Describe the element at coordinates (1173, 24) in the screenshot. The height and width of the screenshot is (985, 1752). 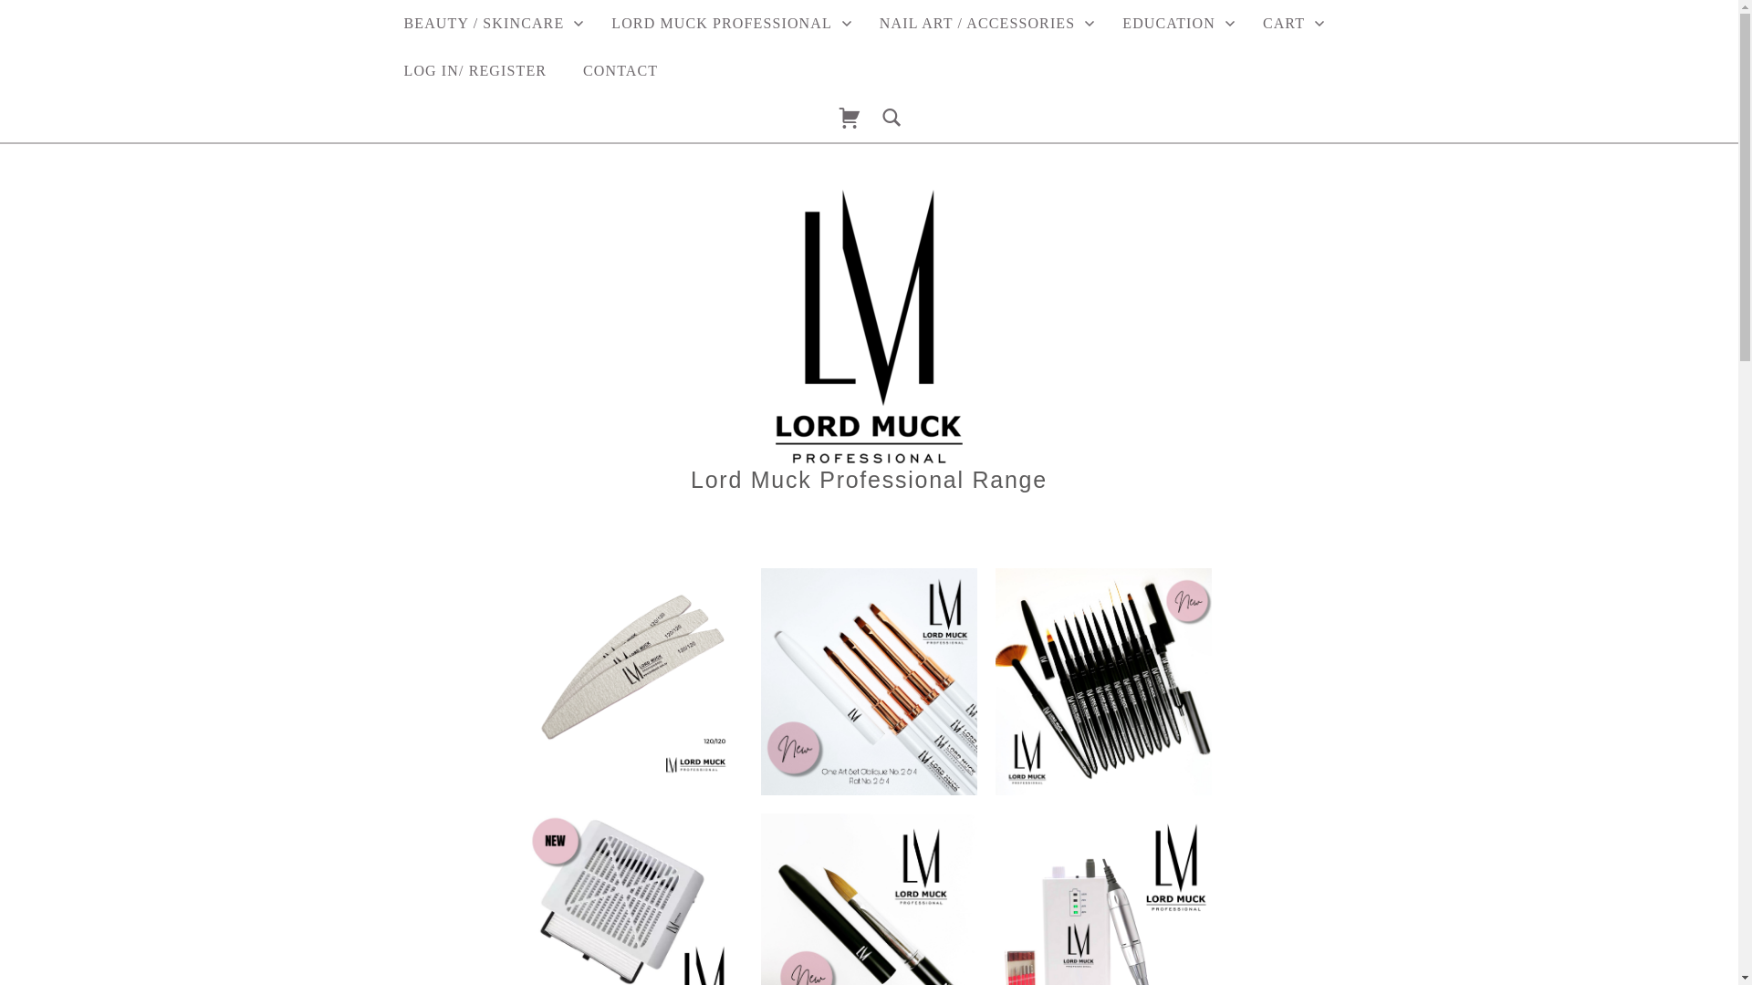
I see `'EDUCATION'` at that location.